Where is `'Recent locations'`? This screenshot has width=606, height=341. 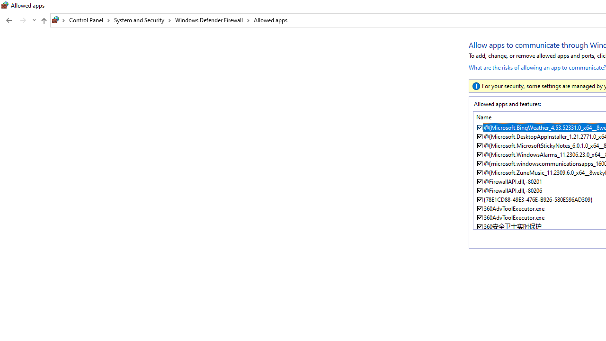 'Recent locations' is located at coordinates (34, 20).